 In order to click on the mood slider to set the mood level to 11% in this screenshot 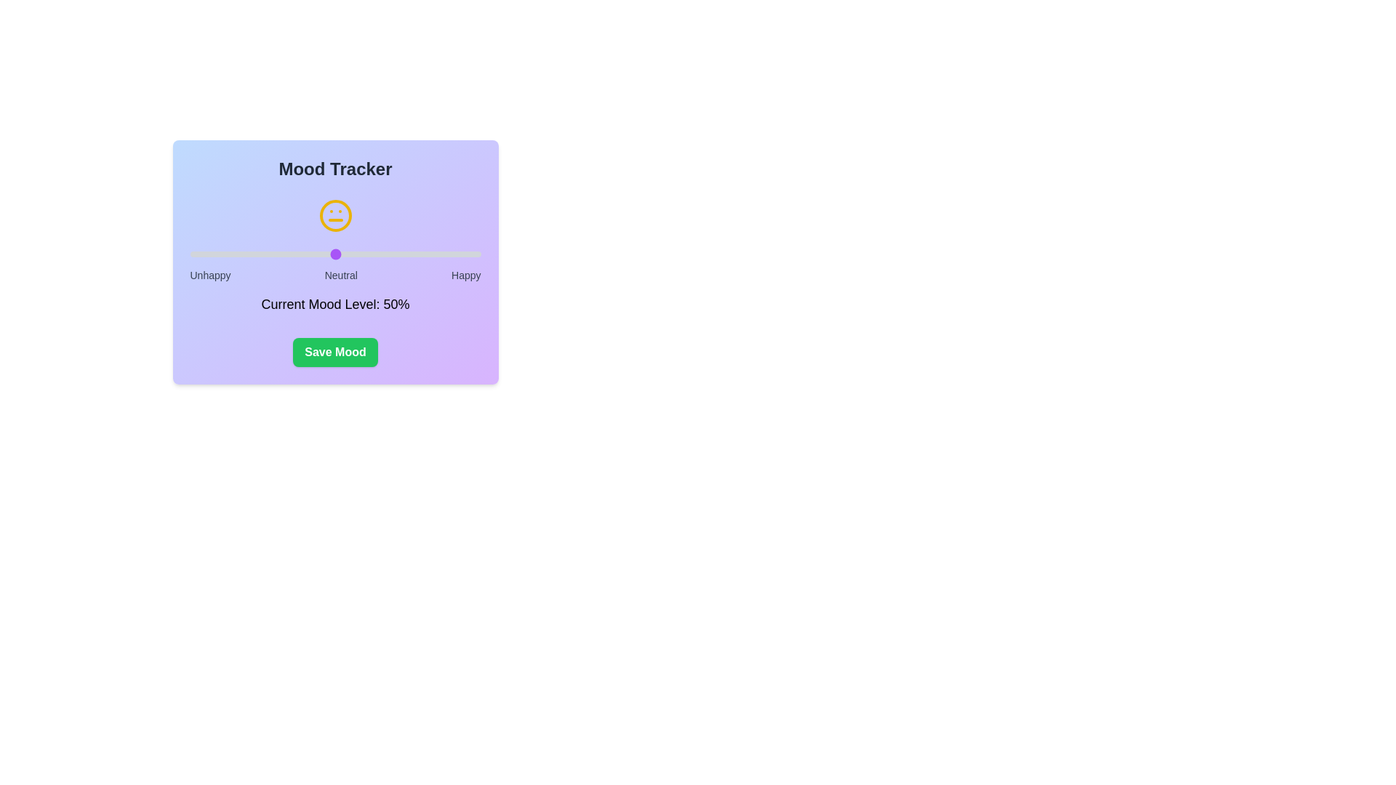, I will do `click(221, 254)`.